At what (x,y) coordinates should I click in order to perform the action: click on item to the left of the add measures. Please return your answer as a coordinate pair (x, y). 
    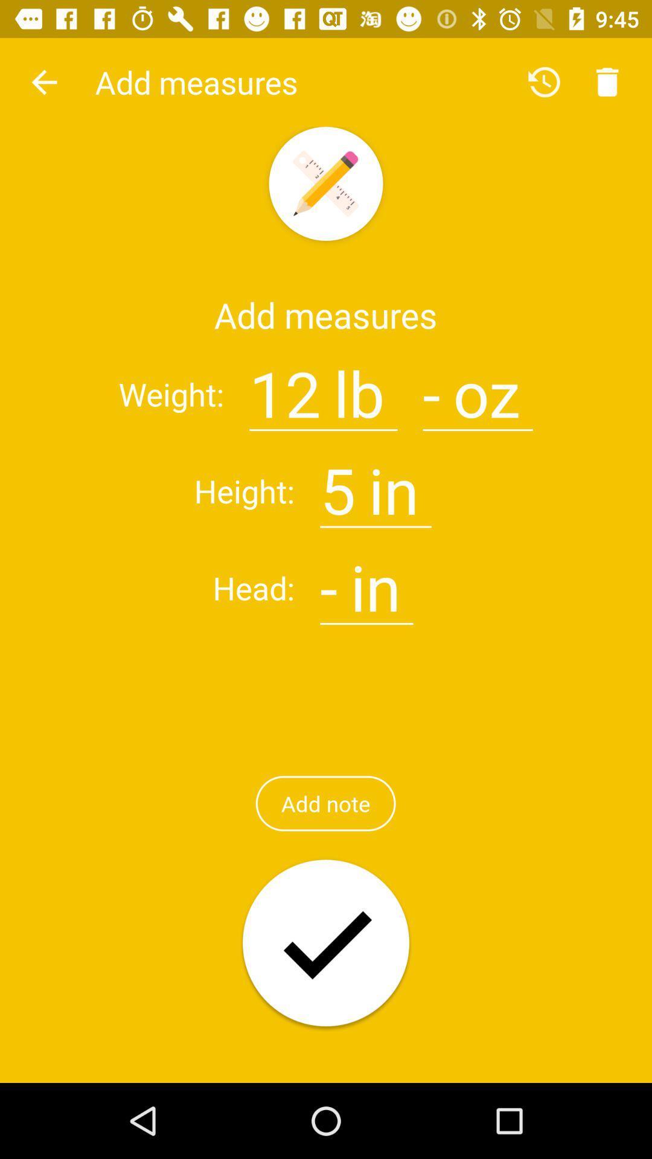
    Looking at the image, I should click on (43, 81).